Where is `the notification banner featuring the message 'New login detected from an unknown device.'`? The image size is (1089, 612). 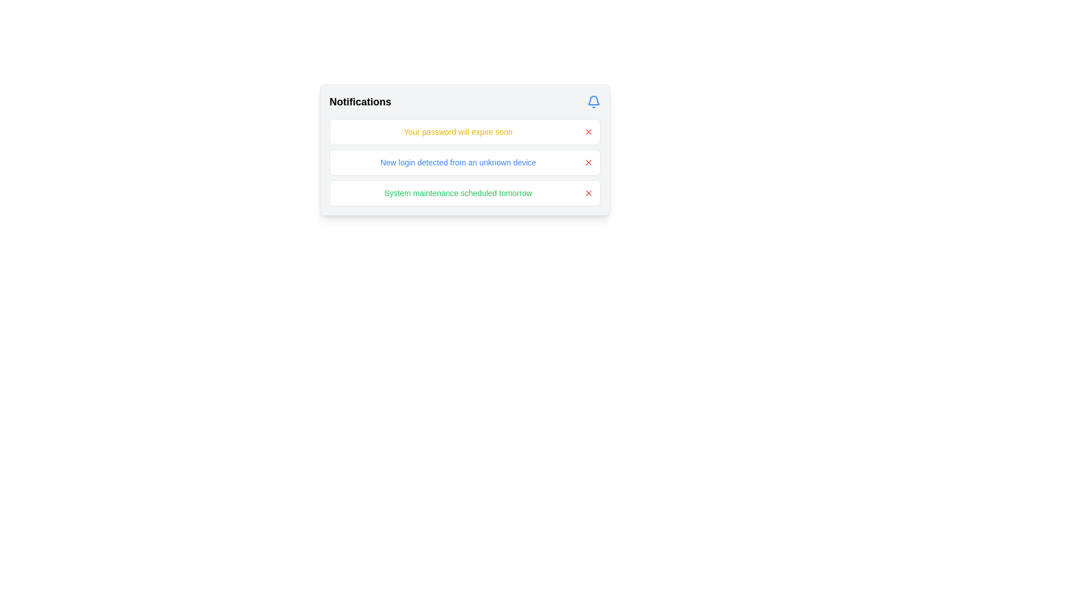 the notification banner featuring the message 'New login detected from an unknown device.' is located at coordinates (465, 162).